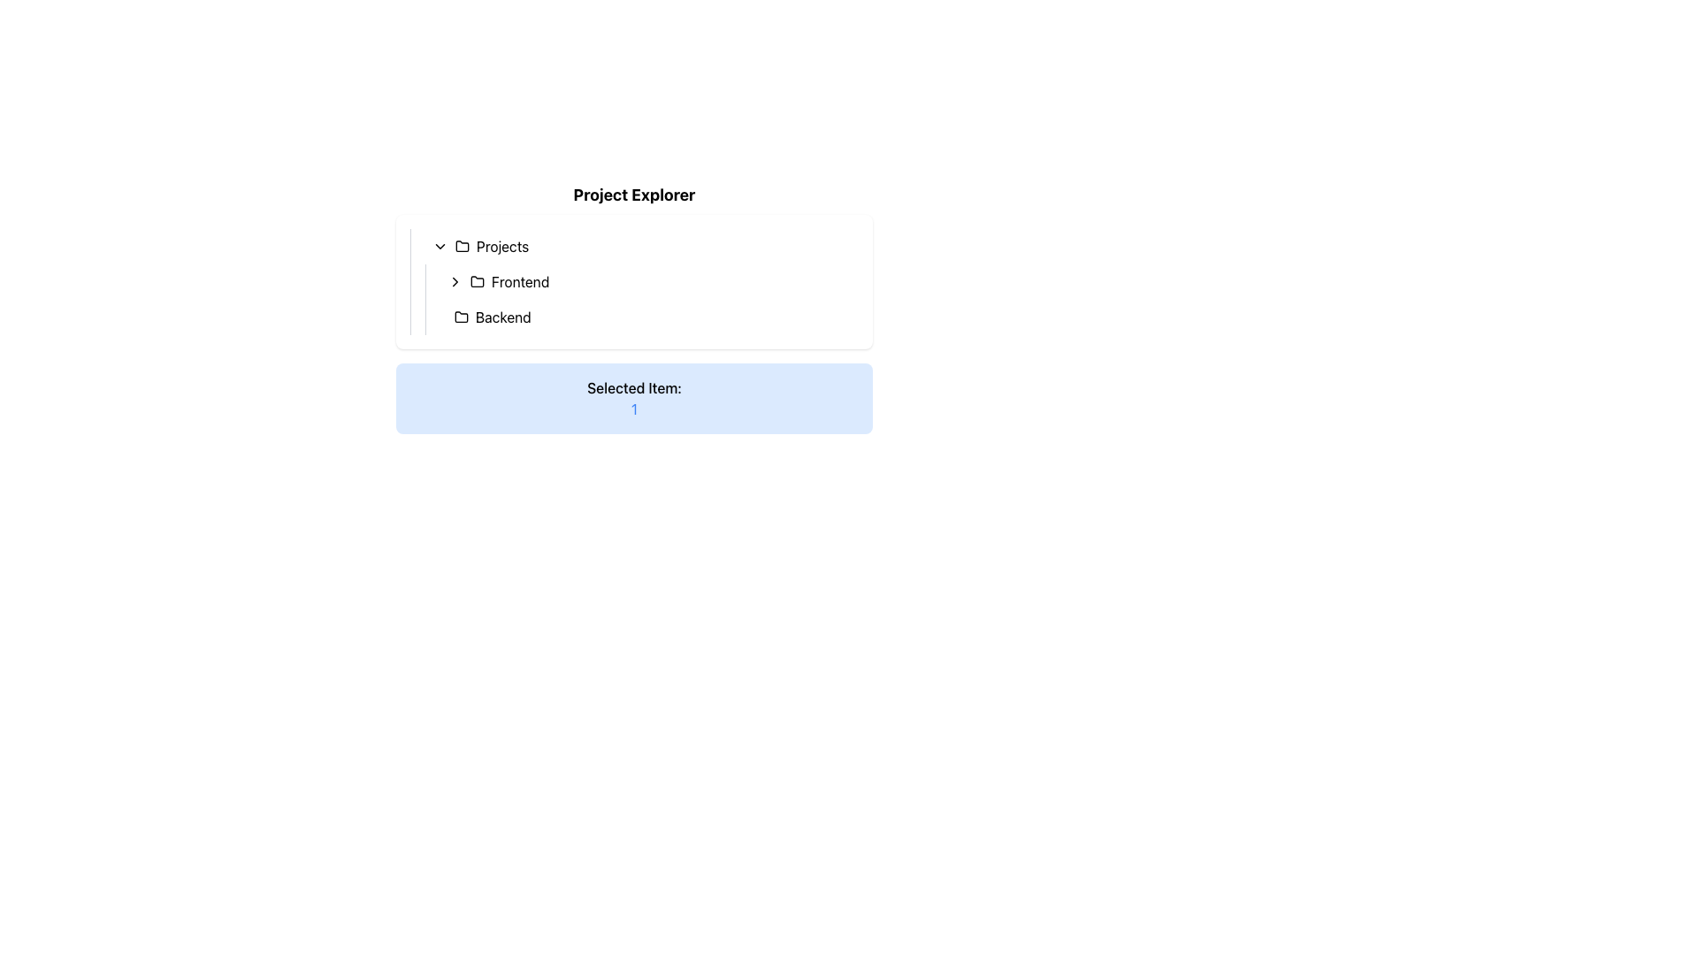  Describe the element at coordinates (462, 316) in the screenshot. I see `the folder icon located to the left of the 'Backend' text, which symbolizes navigation or grouping of items` at that location.